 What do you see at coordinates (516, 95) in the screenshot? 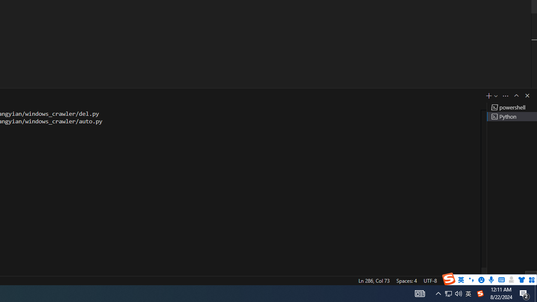
I see `'Maximize Panel Size'` at bounding box center [516, 95].